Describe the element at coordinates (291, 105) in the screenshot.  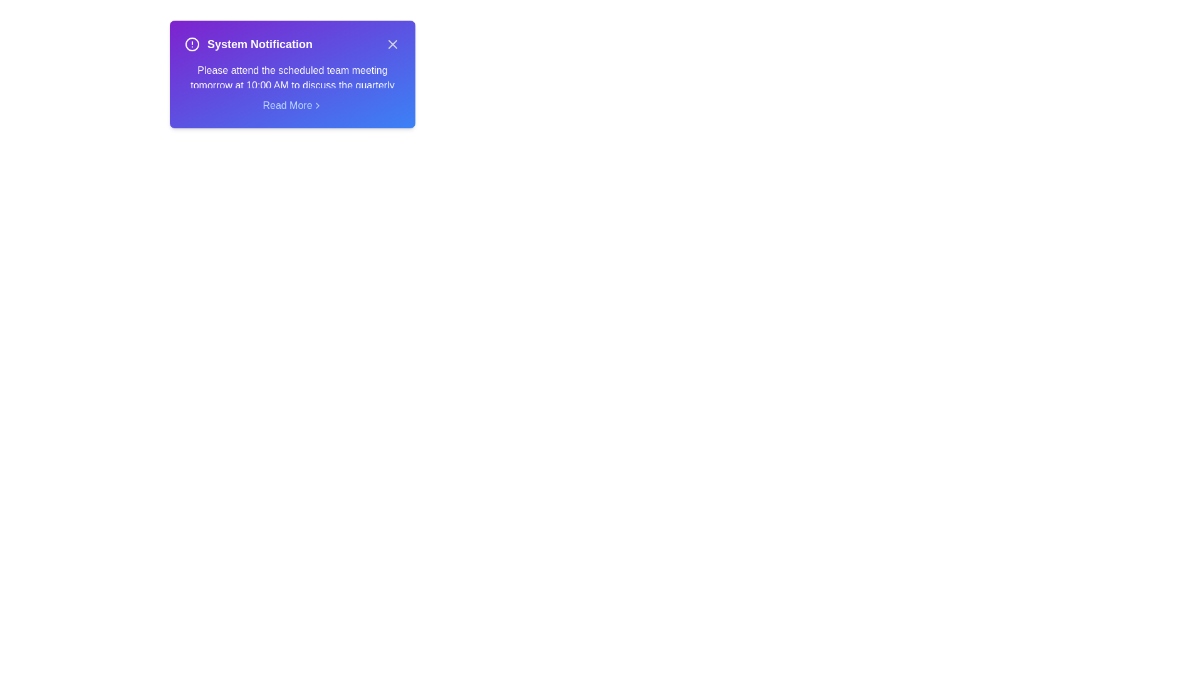
I see `'Read More' button to expand the content` at that location.